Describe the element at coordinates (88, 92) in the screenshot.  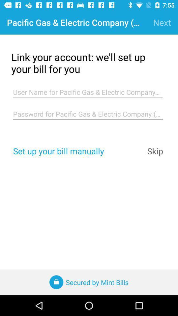
I see `the item below the link your account` at that location.